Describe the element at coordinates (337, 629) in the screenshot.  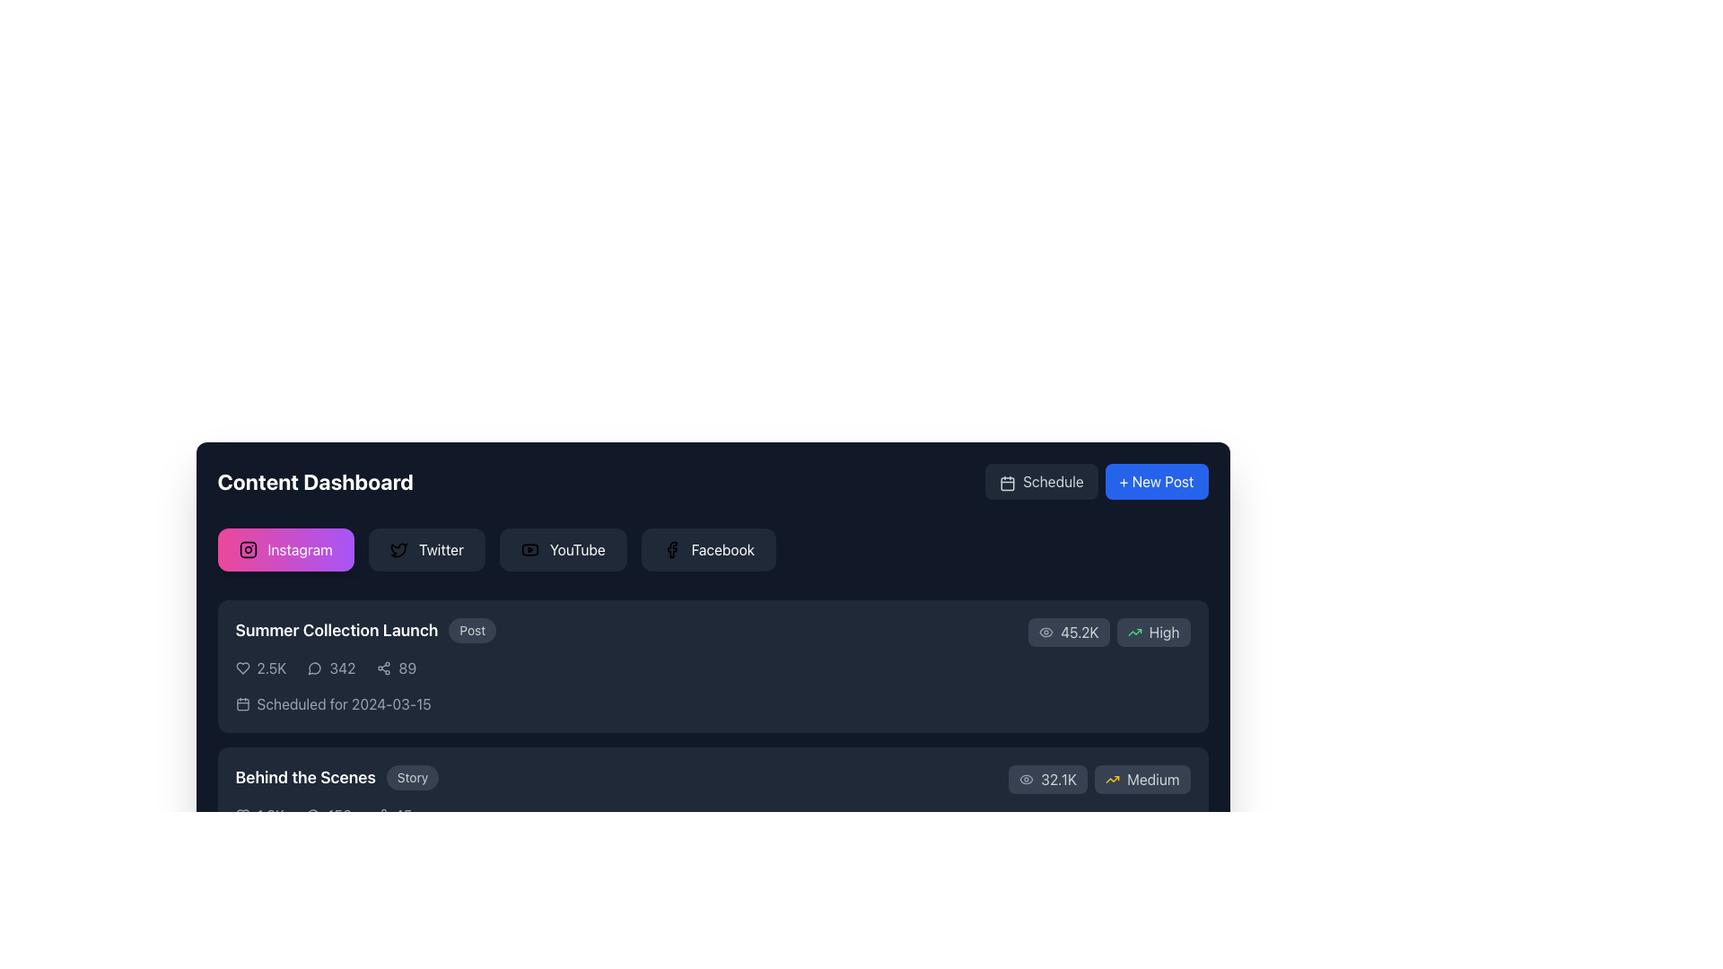
I see `the text label reading 'Summer Collection Launch'` at that location.